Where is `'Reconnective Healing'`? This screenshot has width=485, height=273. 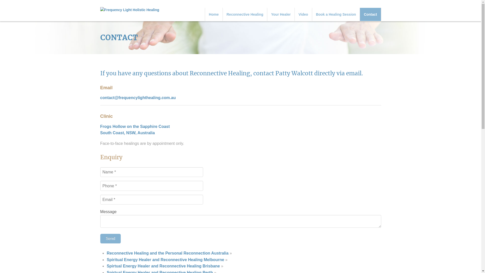
'Reconnective Healing' is located at coordinates (223, 14).